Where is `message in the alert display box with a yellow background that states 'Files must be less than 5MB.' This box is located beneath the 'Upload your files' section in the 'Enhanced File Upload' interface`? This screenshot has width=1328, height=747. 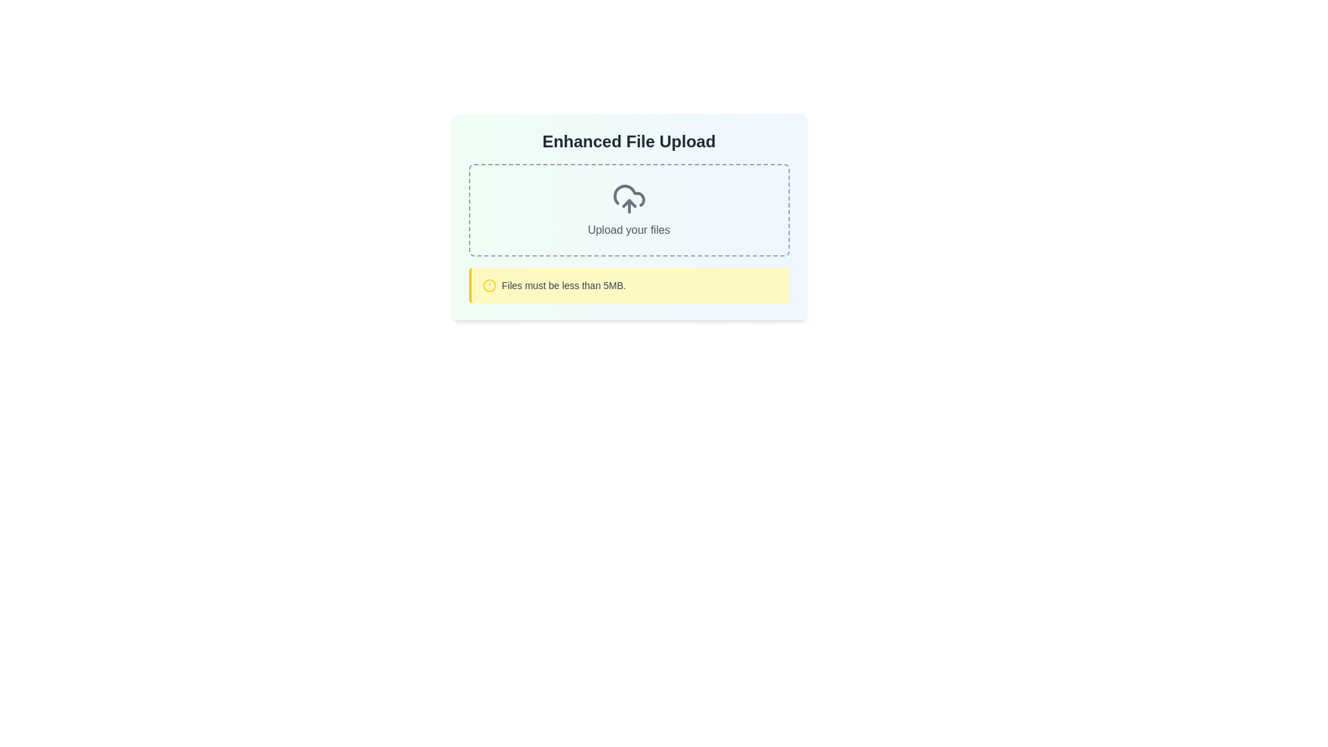 message in the alert display box with a yellow background that states 'Files must be less than 5MB.' This box is located beneath the 'Upload your files' section in the 'Enhanced File Upload' interface is located at coordinates (628, 284).